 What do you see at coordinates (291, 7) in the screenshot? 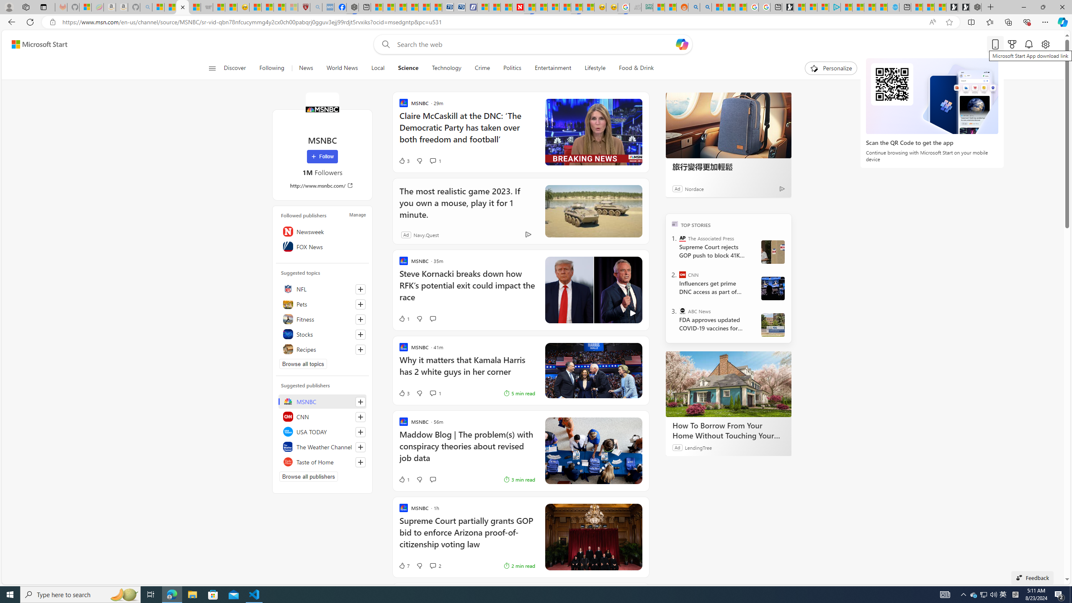
I see `'12 Popular Science Lies that Must be Corrected - Sleeping'` at bounding box center [291, 7].